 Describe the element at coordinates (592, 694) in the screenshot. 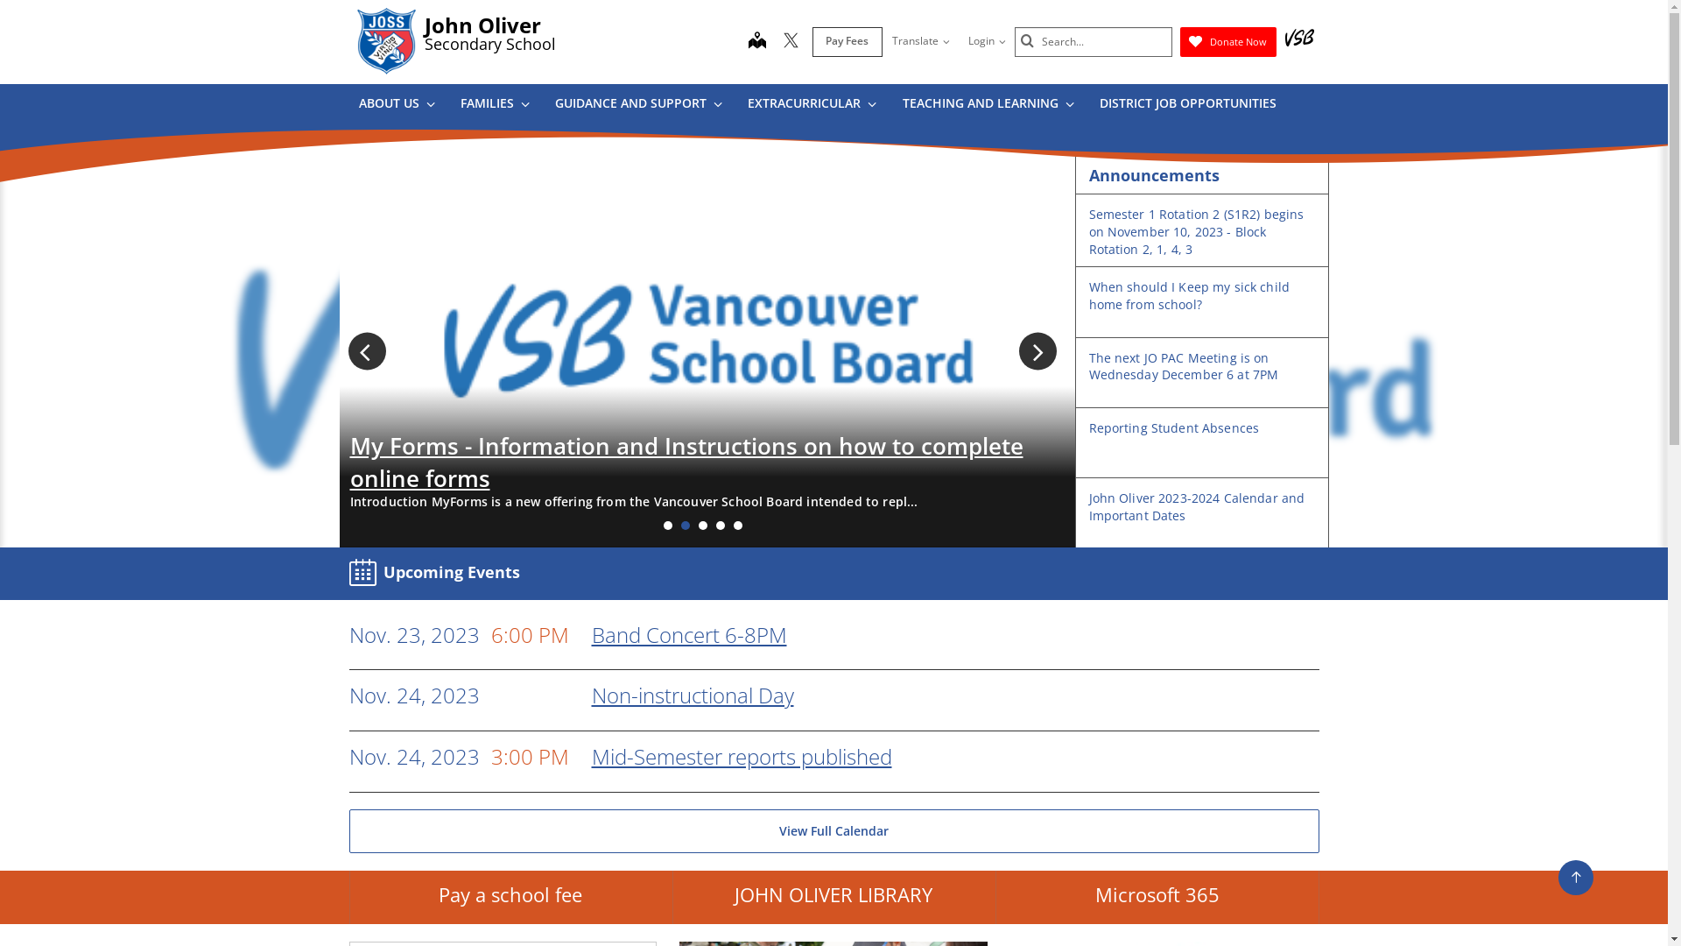

I see `'Non-instructional Day'` at that location.